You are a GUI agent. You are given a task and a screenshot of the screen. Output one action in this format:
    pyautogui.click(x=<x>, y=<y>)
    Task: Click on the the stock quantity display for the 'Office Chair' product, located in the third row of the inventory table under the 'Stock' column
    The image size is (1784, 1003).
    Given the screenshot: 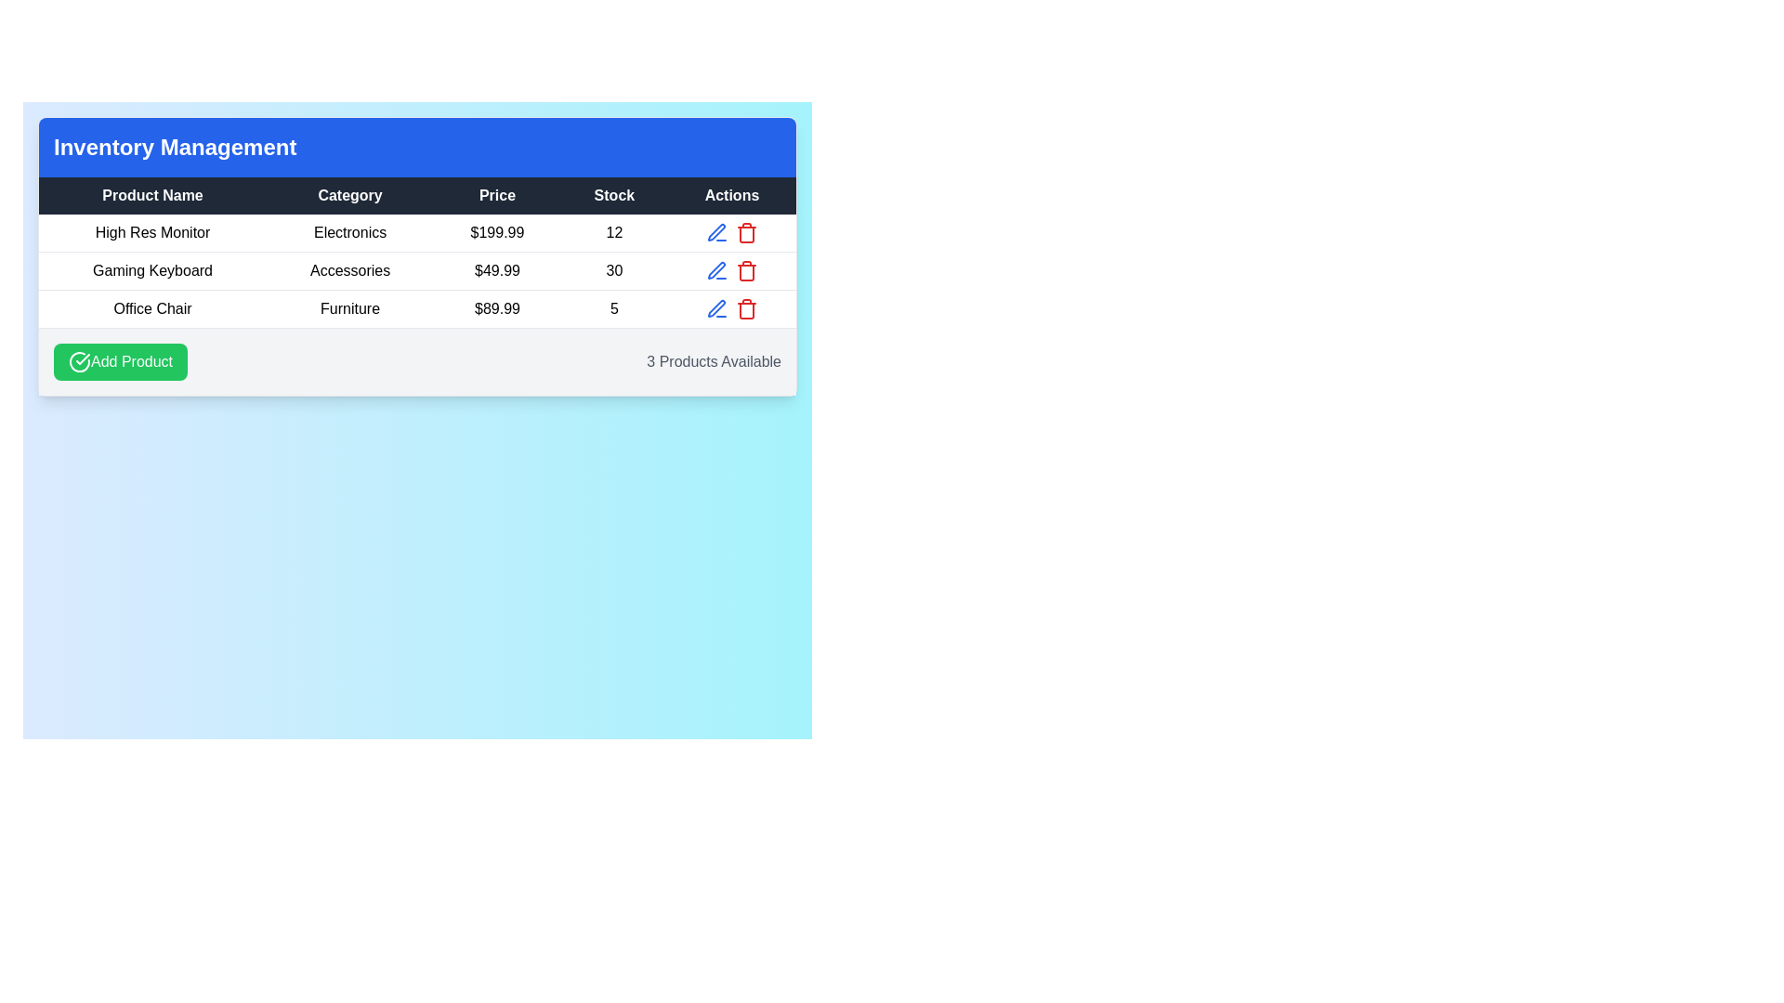 What is the action you would take?
    pyautogui.click(x=614, y=307)
    